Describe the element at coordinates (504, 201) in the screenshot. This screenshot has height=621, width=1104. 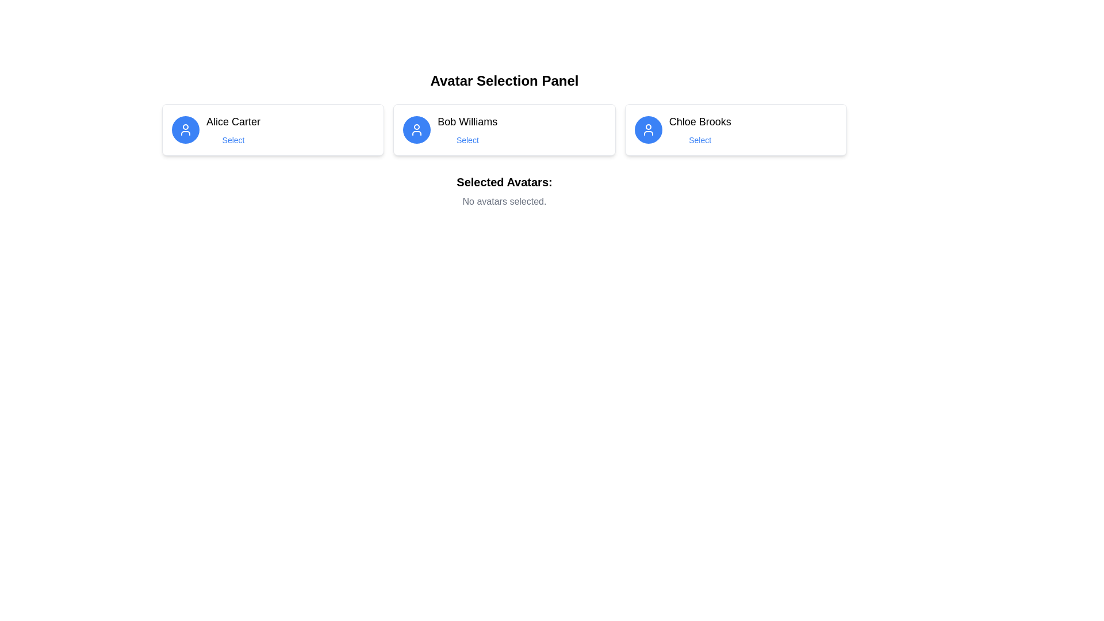
I see `text label displaying 'No avatars selected.' located centrally below the 'Selected Avatars:' heading` at that location.